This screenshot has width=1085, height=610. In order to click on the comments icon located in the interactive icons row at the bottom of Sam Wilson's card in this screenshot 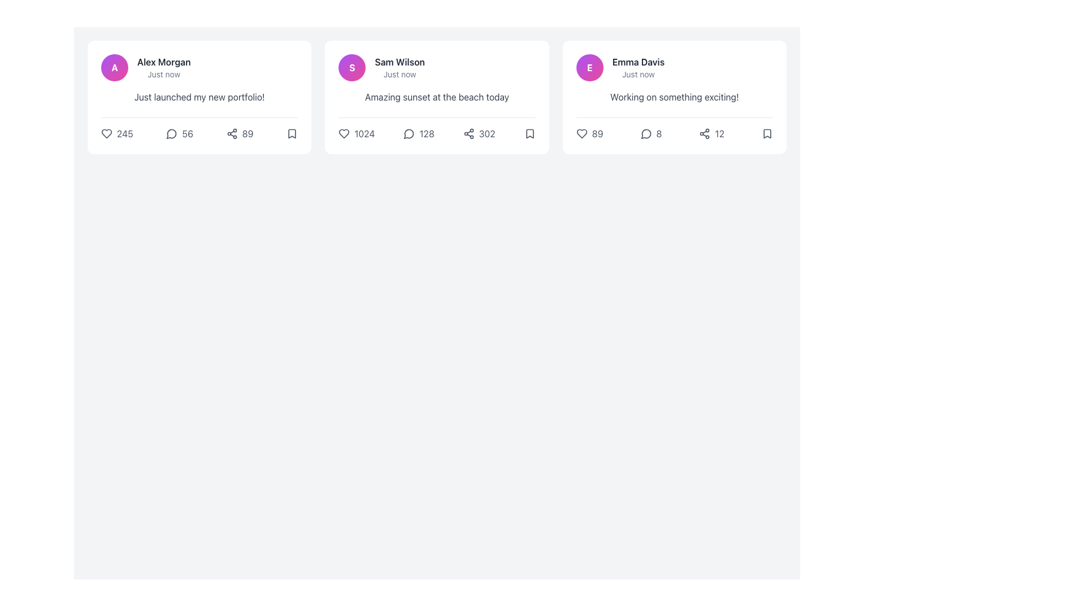, I will do `click(408, 133)`.